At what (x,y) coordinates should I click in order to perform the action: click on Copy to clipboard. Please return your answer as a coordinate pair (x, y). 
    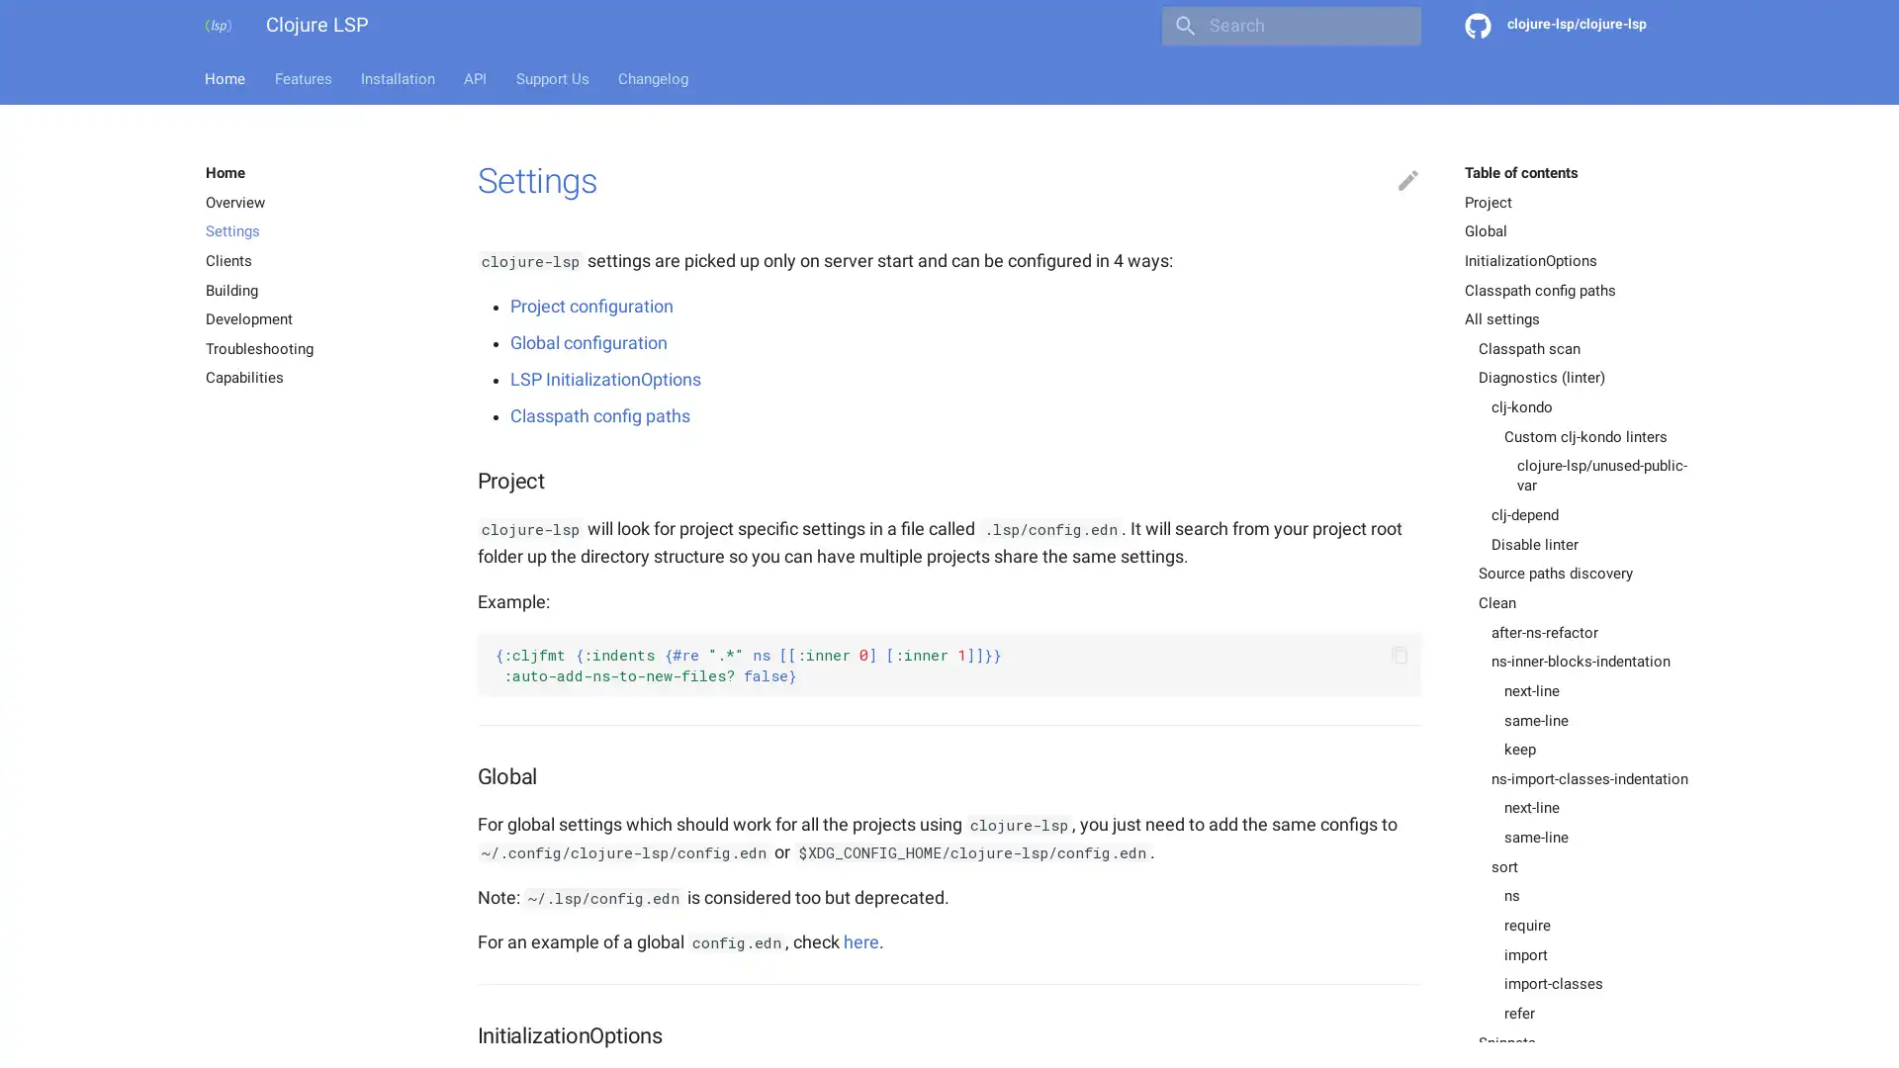
    Looking at the image, I should click on (1399, 655).